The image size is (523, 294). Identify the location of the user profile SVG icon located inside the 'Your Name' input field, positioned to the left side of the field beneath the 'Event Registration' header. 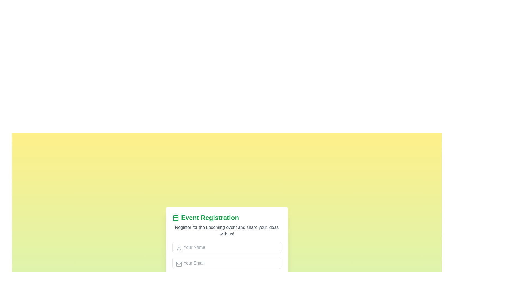
(179, 248).